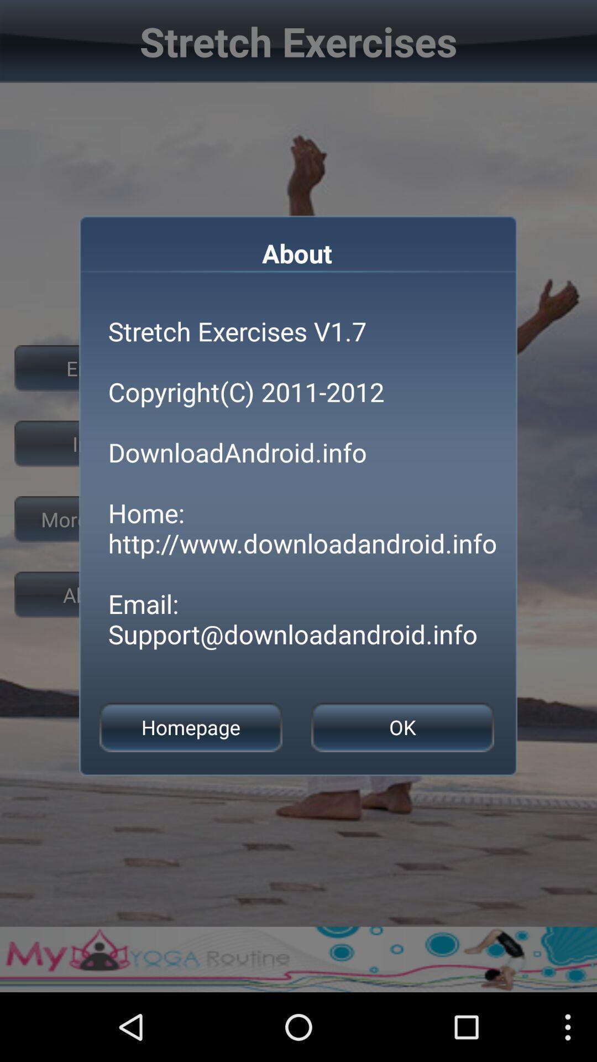  What do you see at coordinates (190, 727) in the screenshot?
I see `the homepage` at bounding box center [190, 727].